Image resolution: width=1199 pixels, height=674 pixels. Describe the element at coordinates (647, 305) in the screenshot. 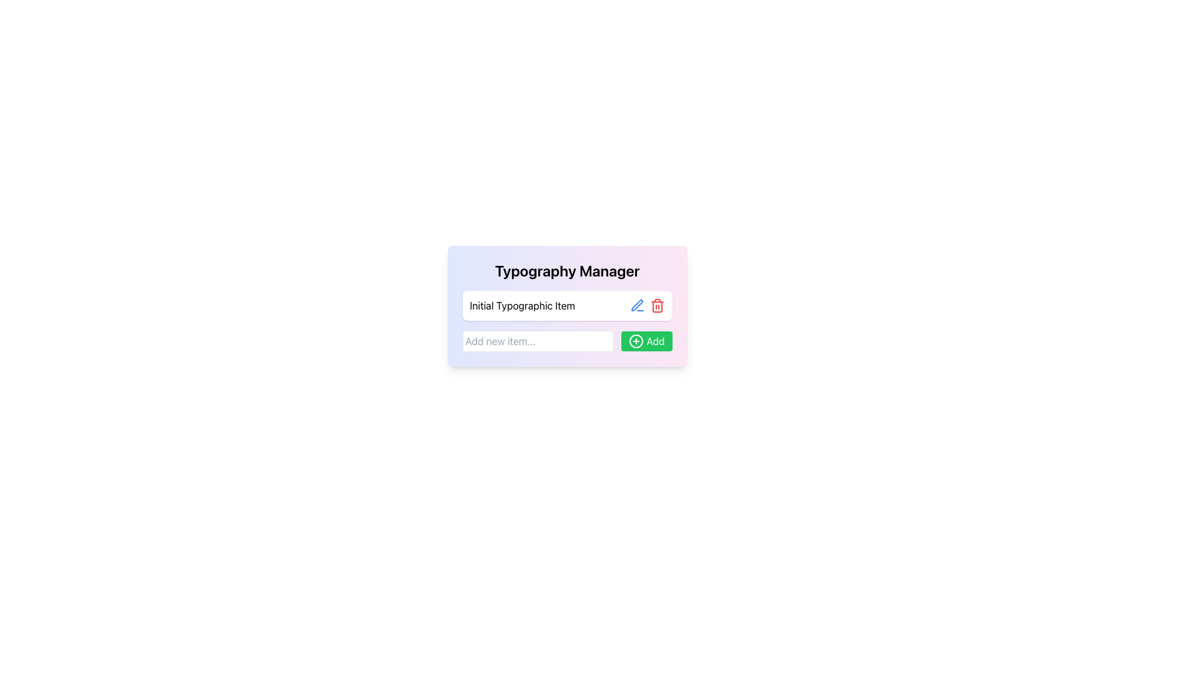

I see `the pencil icon in the horizontal icon group` at that location.